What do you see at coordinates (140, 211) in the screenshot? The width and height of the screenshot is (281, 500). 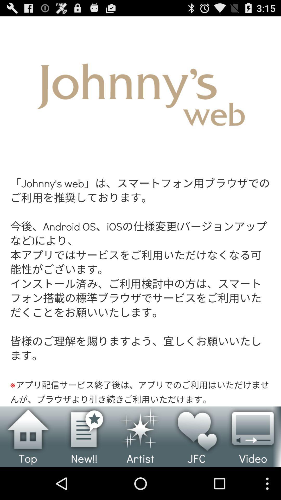 I see `open johnny 's web` at bounding box center [140, 211].